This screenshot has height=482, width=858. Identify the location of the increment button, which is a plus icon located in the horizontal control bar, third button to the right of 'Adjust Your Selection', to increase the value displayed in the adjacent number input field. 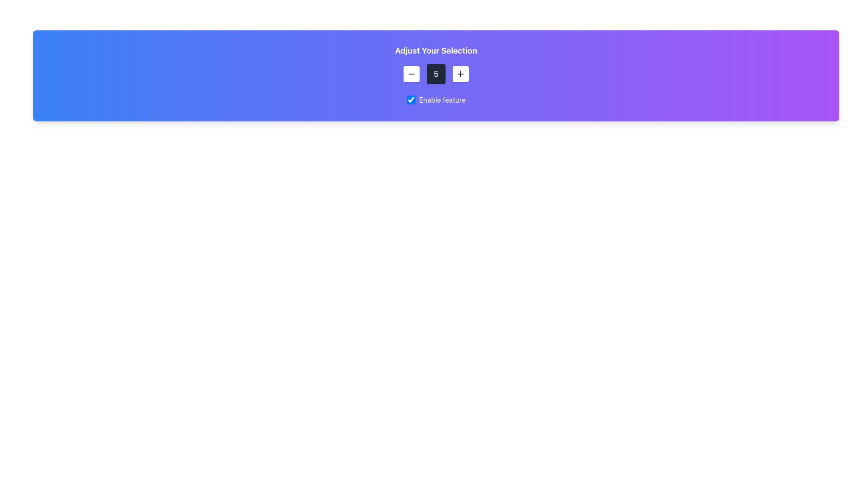
(461, 73).